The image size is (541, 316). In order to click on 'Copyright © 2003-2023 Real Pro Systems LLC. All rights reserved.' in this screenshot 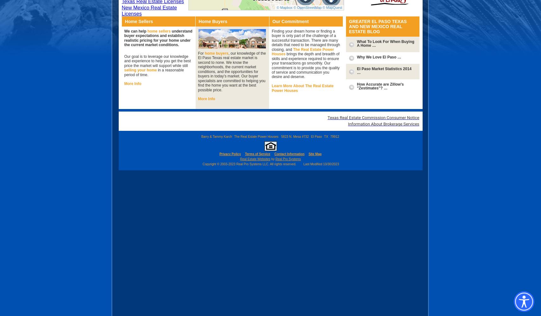, I will do `click(202, 164)`.